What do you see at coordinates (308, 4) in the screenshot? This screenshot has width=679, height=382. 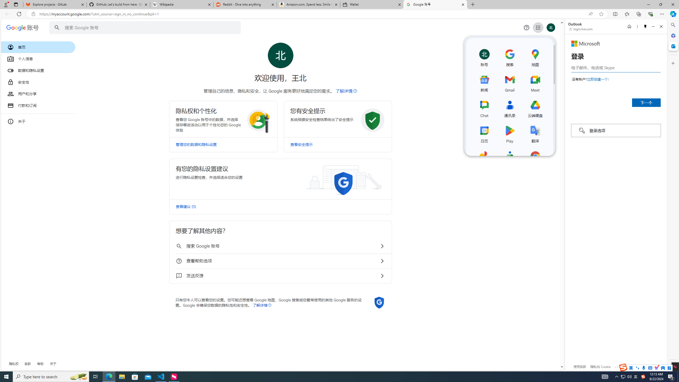 I see `'Amazon.com. Spend less. Smile more.'` at bounding box center [308, 4].